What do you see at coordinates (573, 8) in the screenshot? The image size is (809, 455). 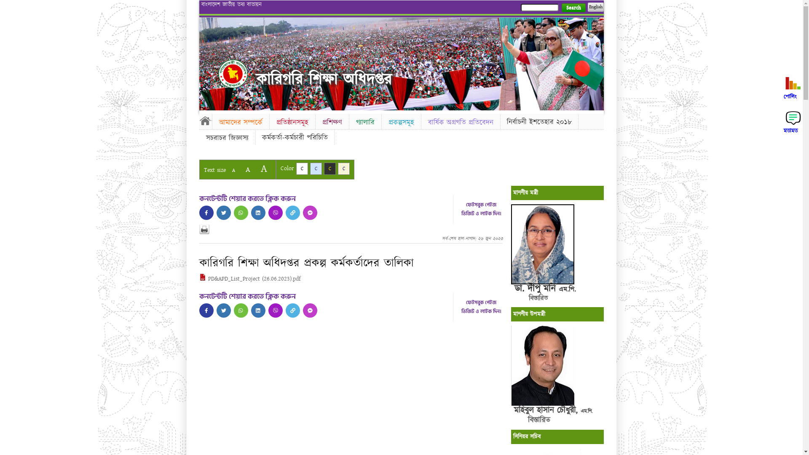 I see `'Search'` at bounding box center [573, 8].